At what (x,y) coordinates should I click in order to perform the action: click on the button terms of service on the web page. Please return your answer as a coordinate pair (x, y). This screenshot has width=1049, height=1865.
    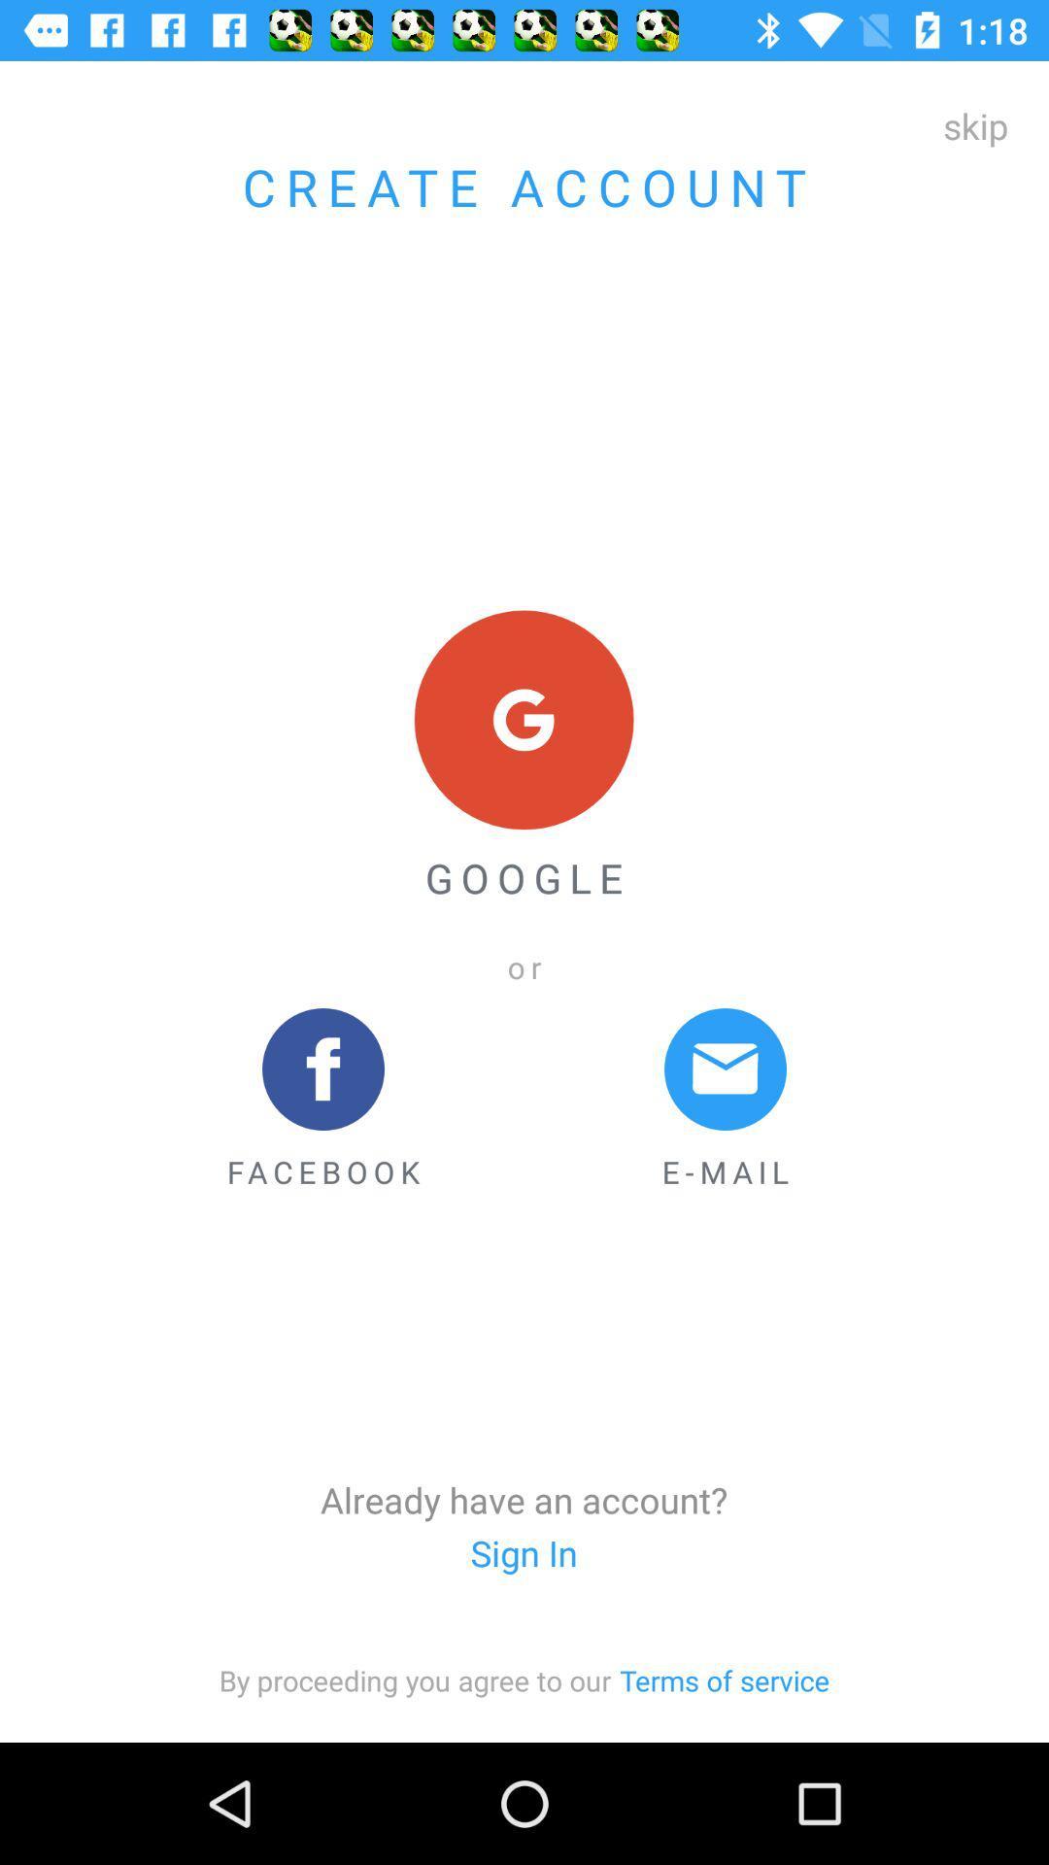
    Looking at the image, I should click on (724, 1678).